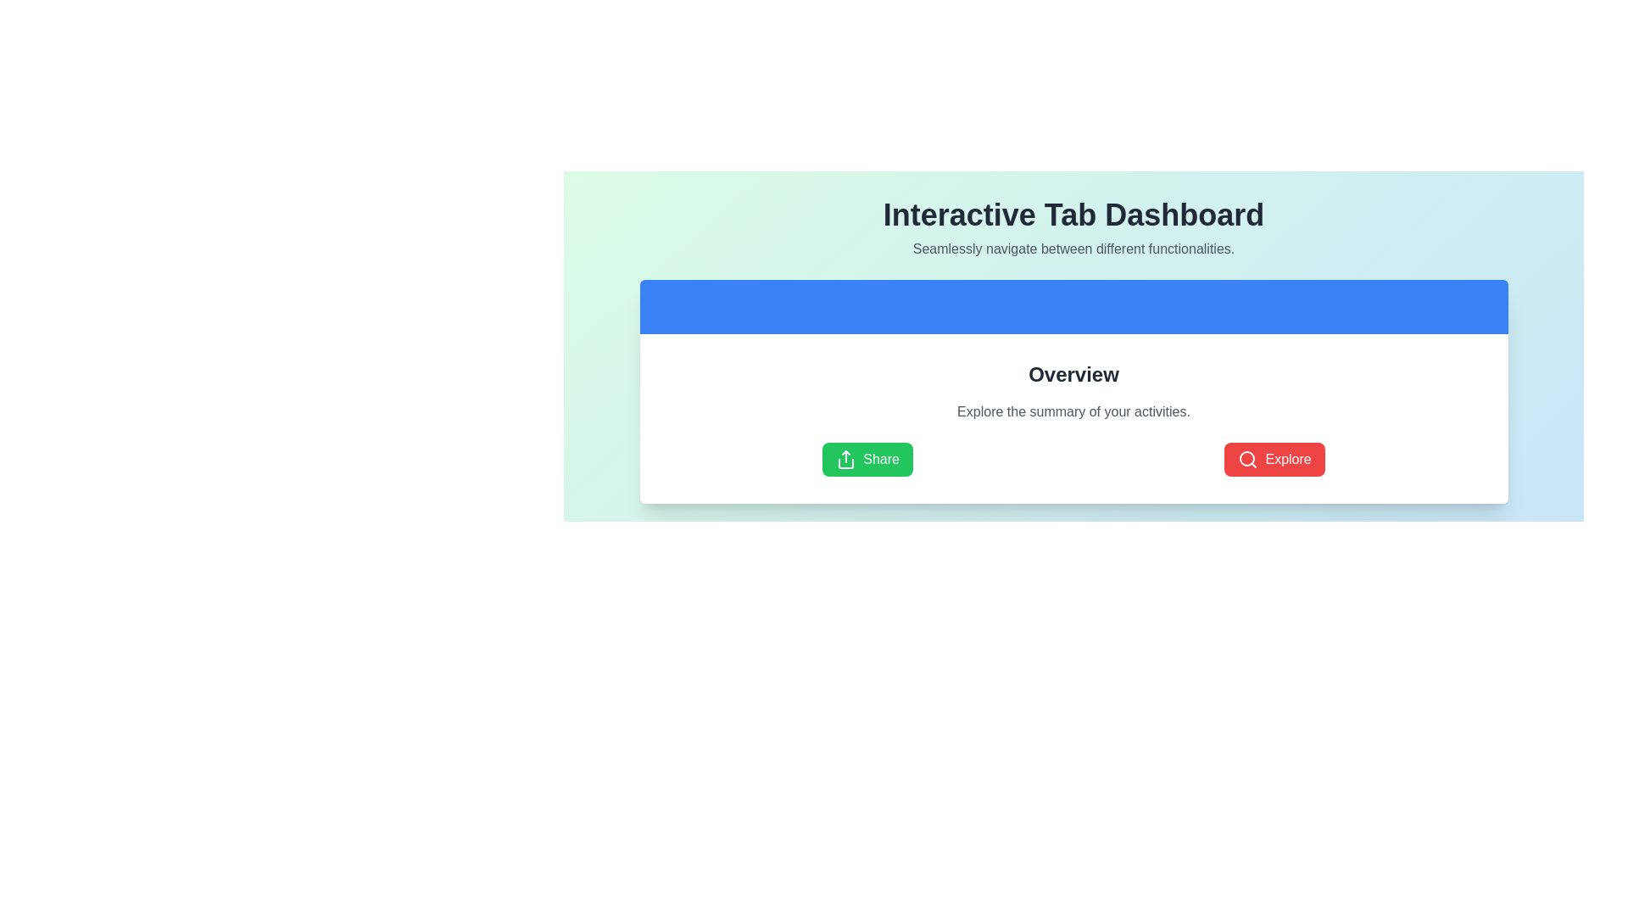  What do you see at coordinates (846, 464) in the screenshot?
I see `the share button icon component, which visually represents a share symbol and is situated below the arrow shape and above the caption text in the button group on the left section of the action panel` at bounding box center [846, 464].